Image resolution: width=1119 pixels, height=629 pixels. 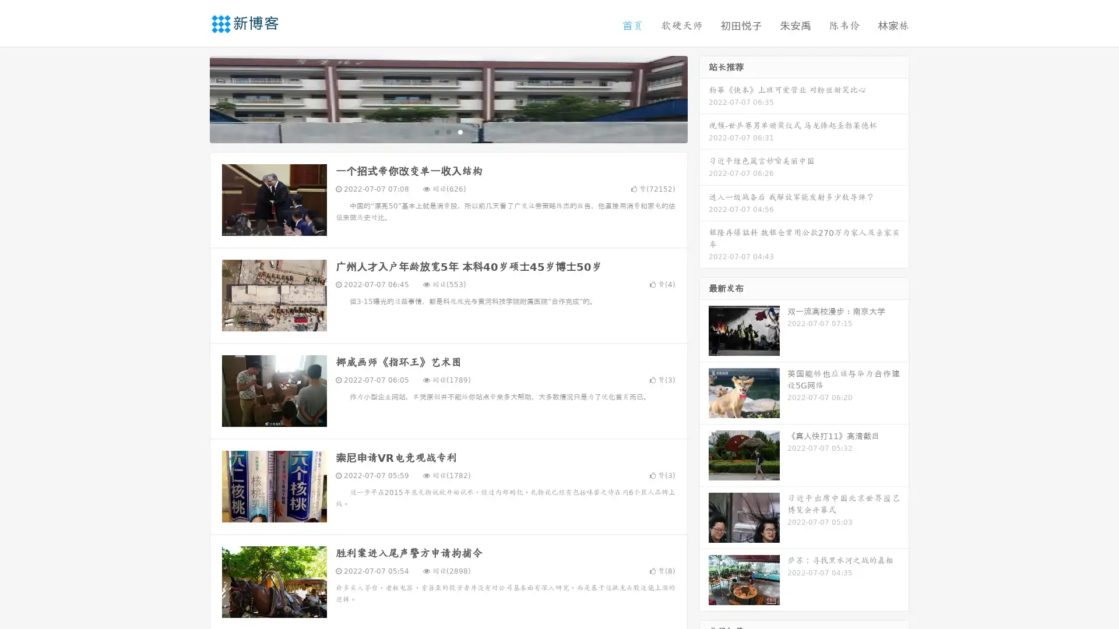 What do you see at coordinates (460, 131) in the screenshot?
I see `Go to slide 3` at bounding box center [460, 131].